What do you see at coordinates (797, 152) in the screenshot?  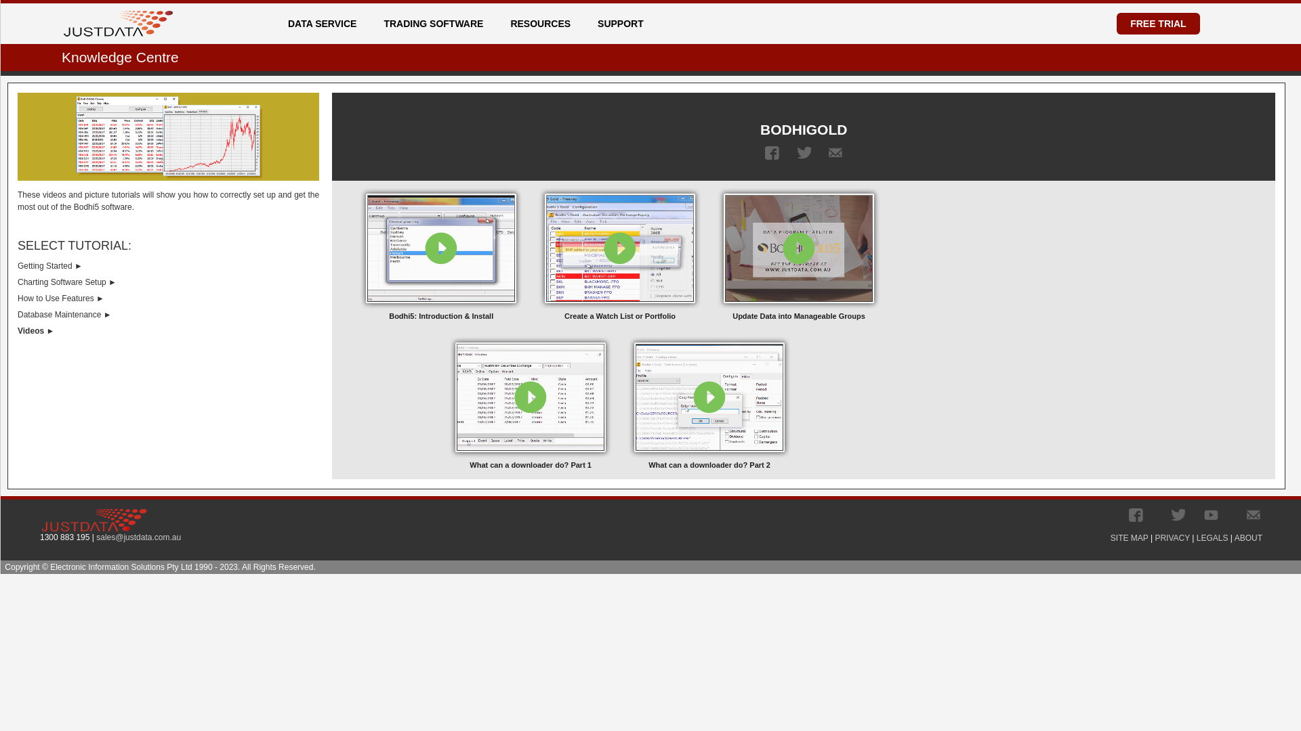 I see `' '` at bounding box center [797, 152].